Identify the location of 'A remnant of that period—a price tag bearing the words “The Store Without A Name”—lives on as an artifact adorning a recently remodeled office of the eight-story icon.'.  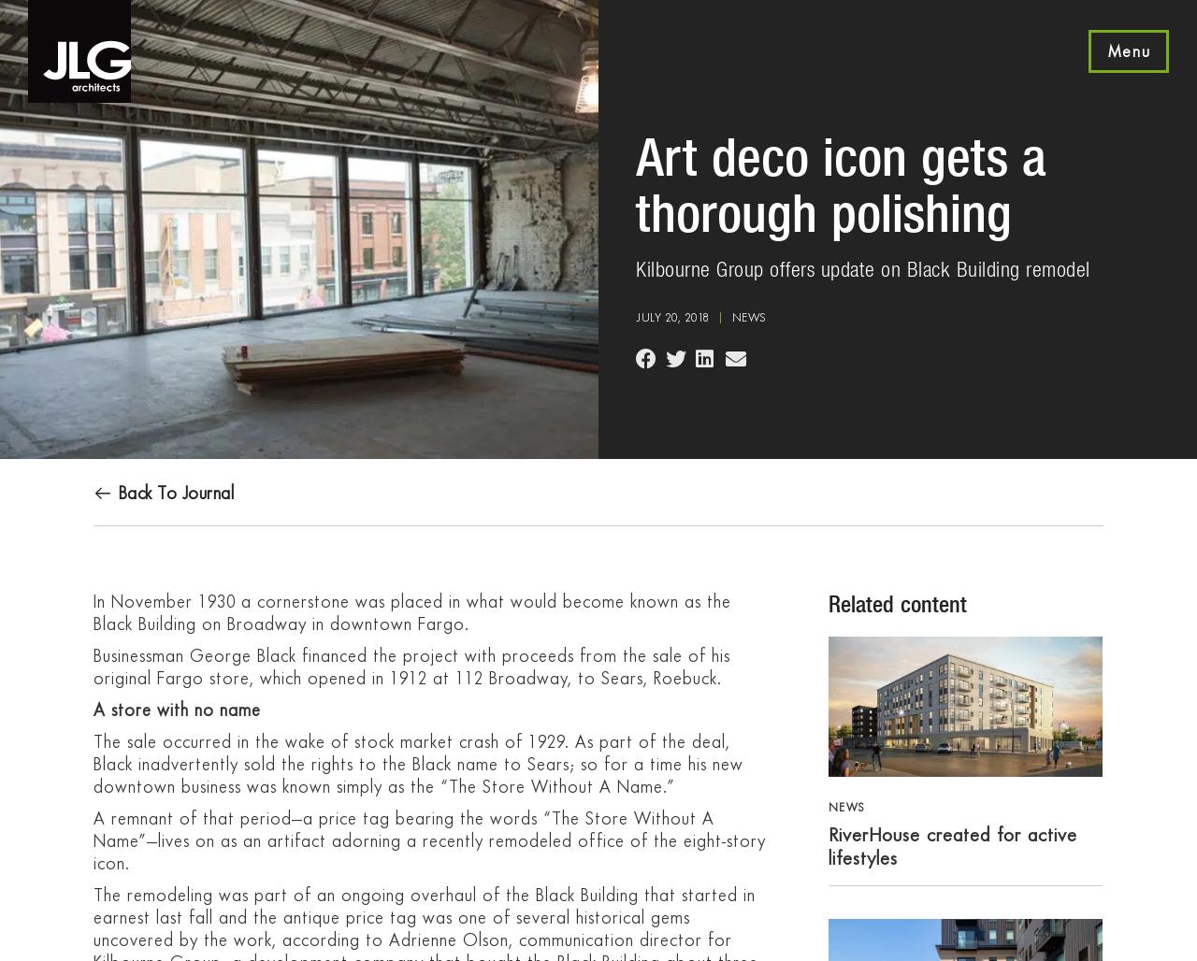
(92, 841).